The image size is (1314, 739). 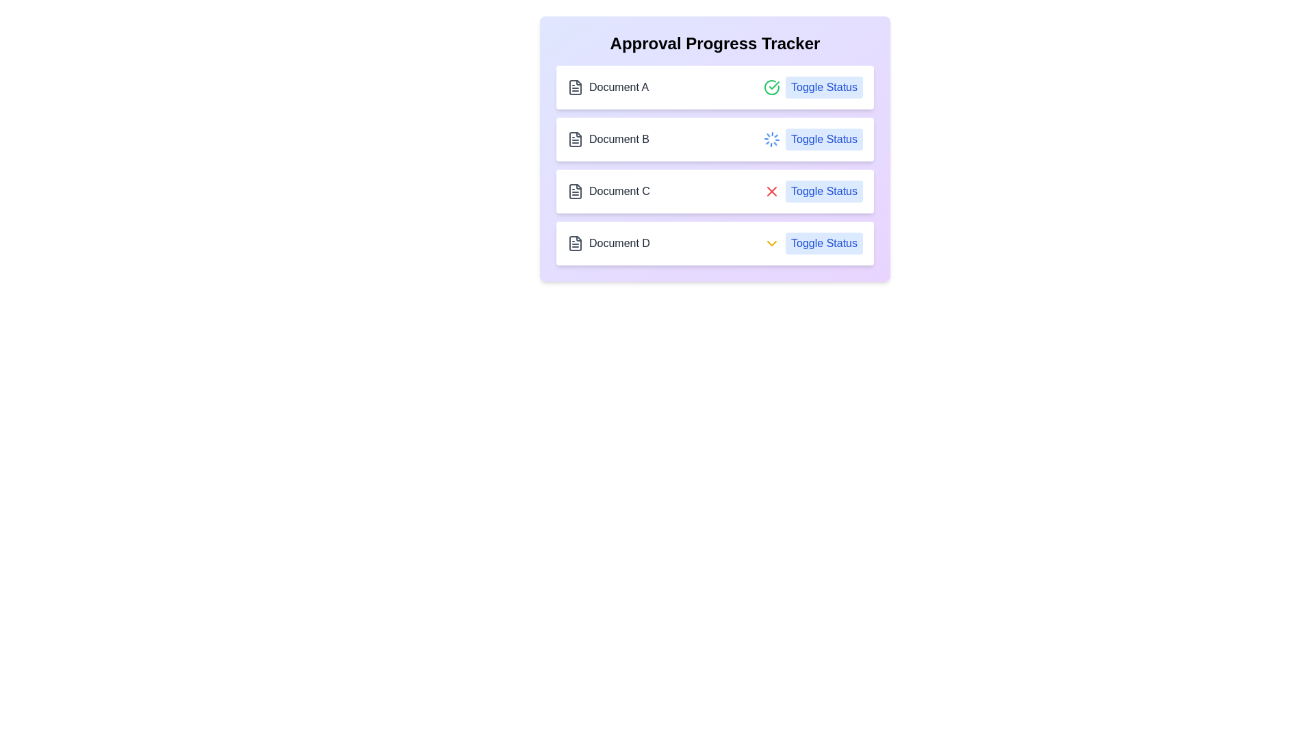 I want to click on the 'Document A' text with icon element, which is the first item in the list within the 'Approval Progress Tracker' box, so click(x=607, y=87).